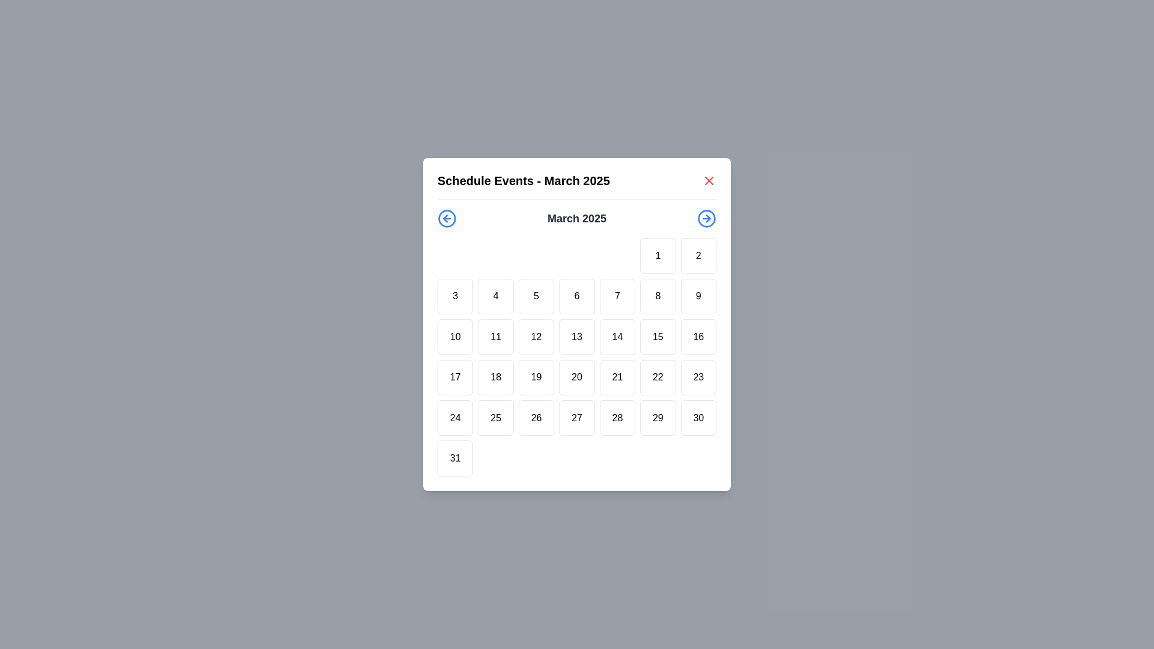 This screenshot has width=1154, height=649. What do you see at coordinates (657, 337) in the screenshot?
I see `the square button with rounded borders and the centered text '15'` at bounding box center [657, 337].